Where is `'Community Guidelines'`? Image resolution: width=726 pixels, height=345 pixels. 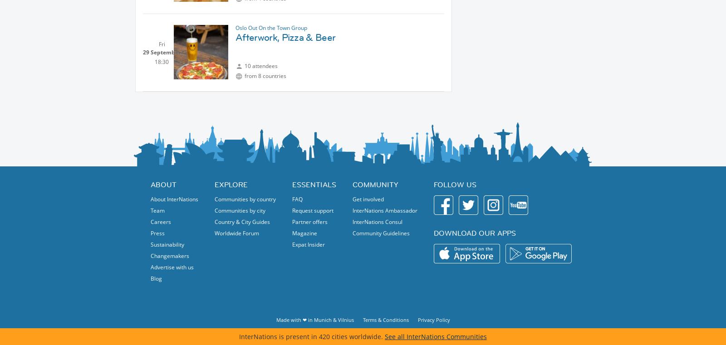 'Community Guidelines' is located at coordinates (352, 233).